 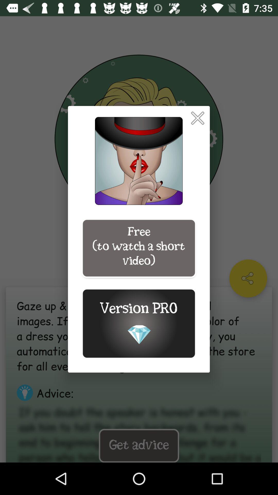 I want to click on version pro, so click(x=138, y=323).